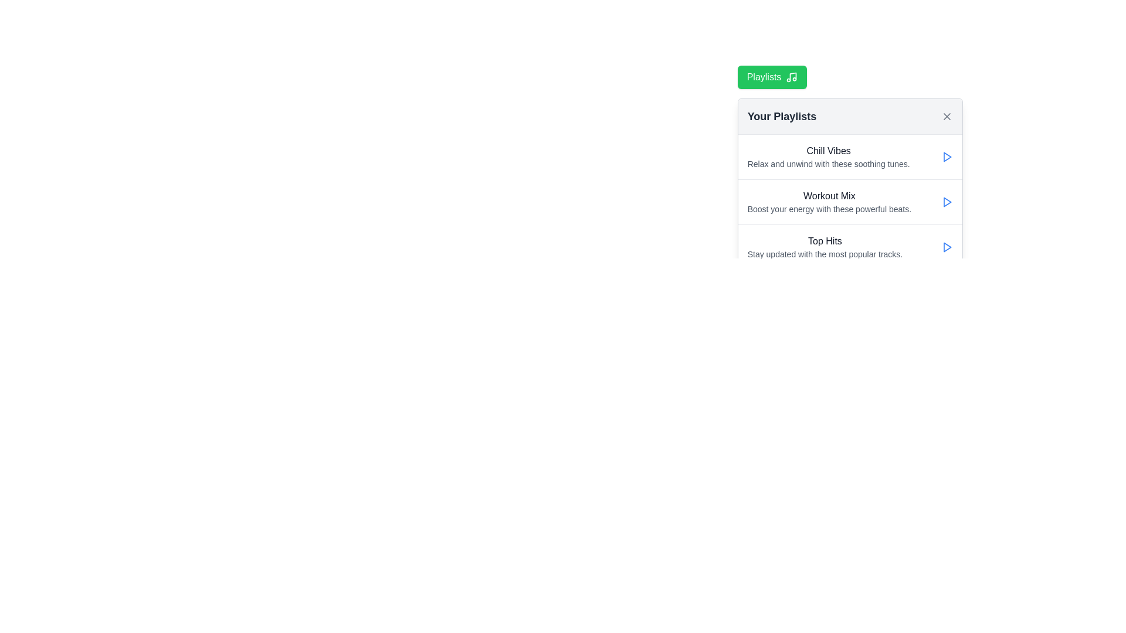 The width and height of the screenshot is (1126, 633). I want to click on the 'Top Hits' playlist category list item, which is the third item in the 'Your Playlists' panel, situated between 'Workout Mix' and no other content, so click(850, 246).